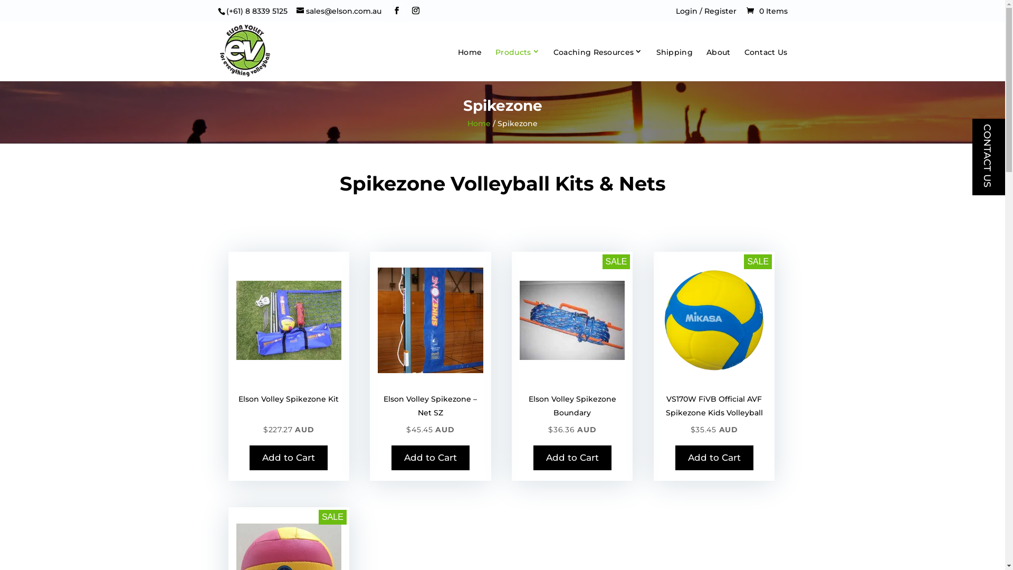 The width and height of the screenshot is (1013, 570). What do you see at coordinates (458, 64) in the screenshot?
I see `'Home'` at bounding box center [458, 64].